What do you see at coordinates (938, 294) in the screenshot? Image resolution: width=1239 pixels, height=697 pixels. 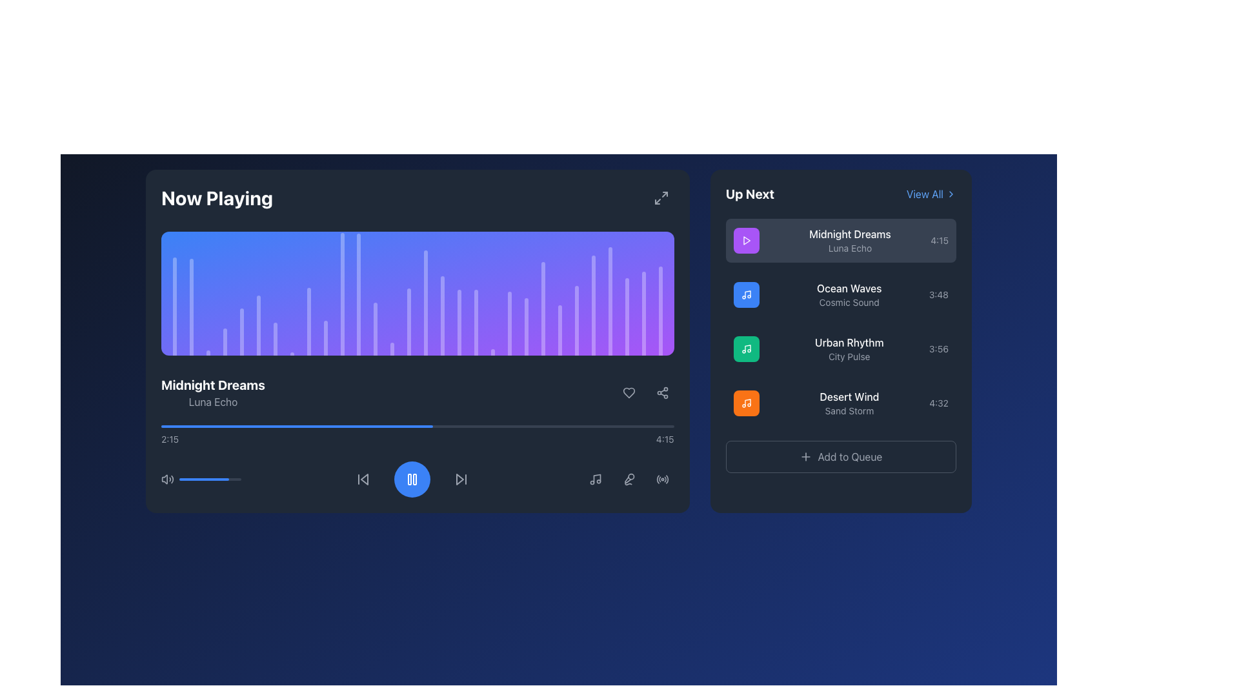 I see `the numerical text indicator reading '3:48', which is styled in a small gray font and is positioned on the right side of the song list item for 'Ocean Waves' by 'Cosmic Sound' within the 'Up Next' section` at bounding box center [938, 294].